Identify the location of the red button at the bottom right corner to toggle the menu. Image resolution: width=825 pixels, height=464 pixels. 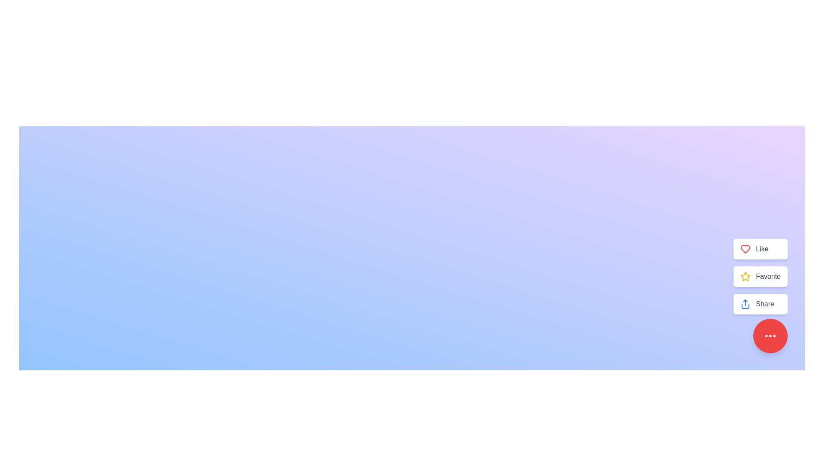
(770, 336).